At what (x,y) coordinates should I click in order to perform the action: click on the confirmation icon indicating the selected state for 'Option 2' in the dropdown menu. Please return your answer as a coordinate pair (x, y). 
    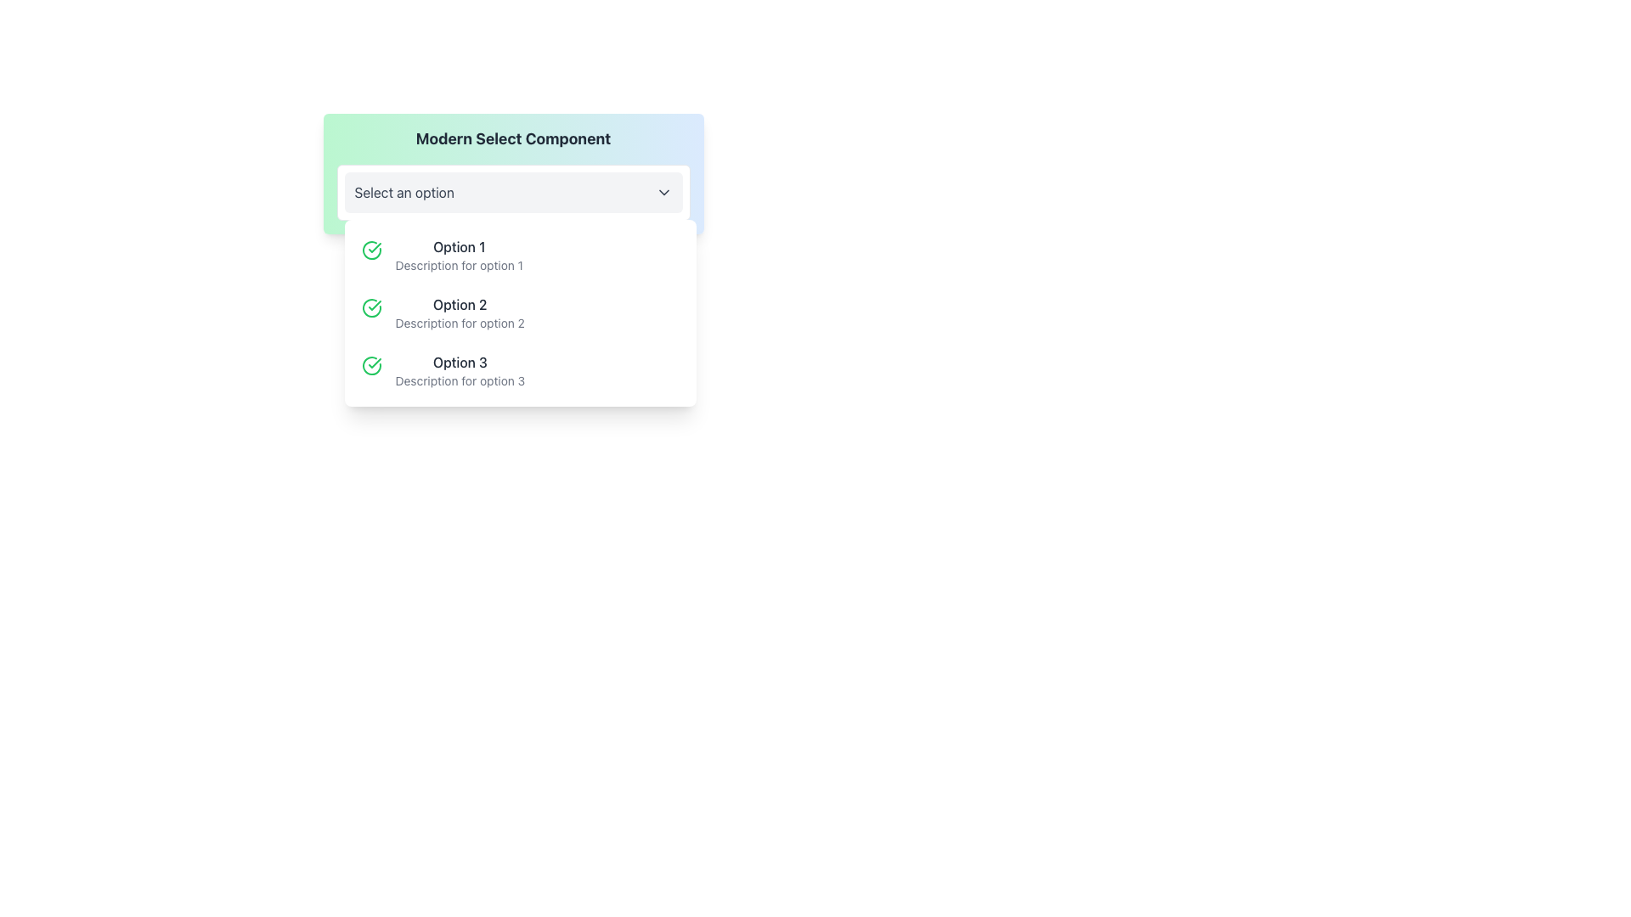
    Looking at the image, I should click on (370, 307).